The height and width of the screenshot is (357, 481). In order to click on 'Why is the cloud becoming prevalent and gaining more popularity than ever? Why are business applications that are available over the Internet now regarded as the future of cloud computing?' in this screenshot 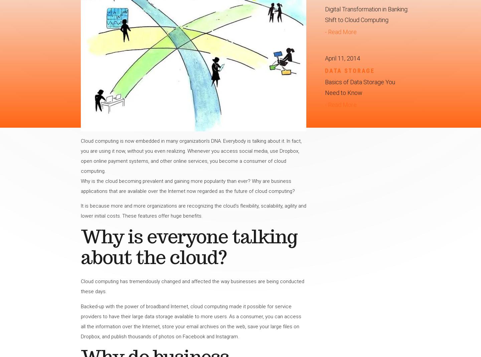, I will do `click(187, 186)`.